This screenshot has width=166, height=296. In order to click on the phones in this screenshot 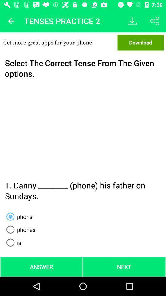, I will do `click(20, 229)`.